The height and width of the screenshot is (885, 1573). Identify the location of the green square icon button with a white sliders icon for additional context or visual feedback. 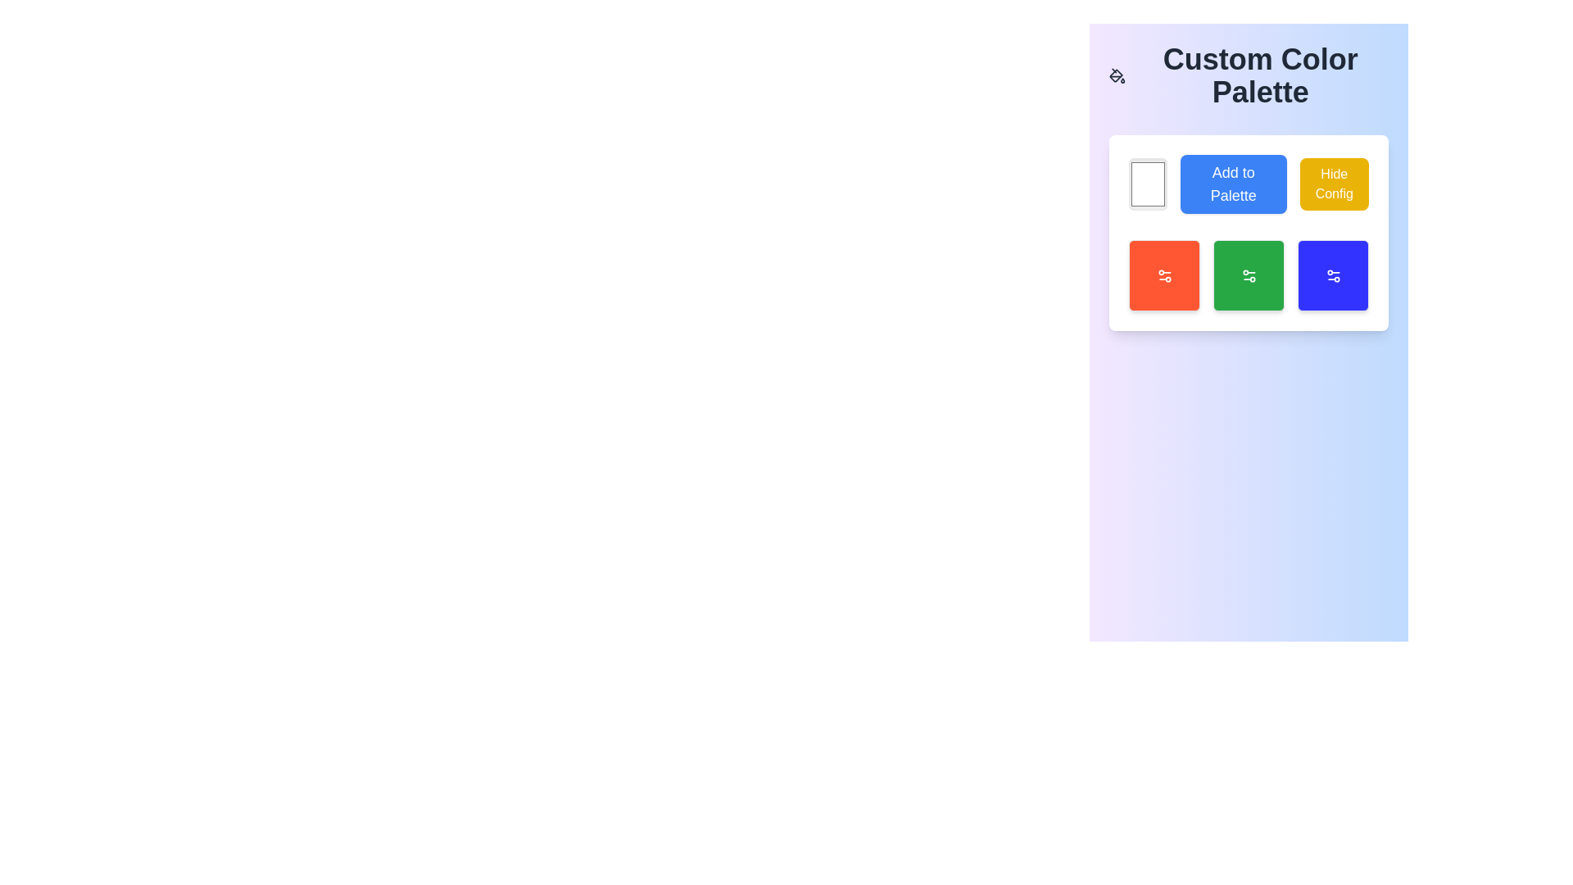
(1248, 275).